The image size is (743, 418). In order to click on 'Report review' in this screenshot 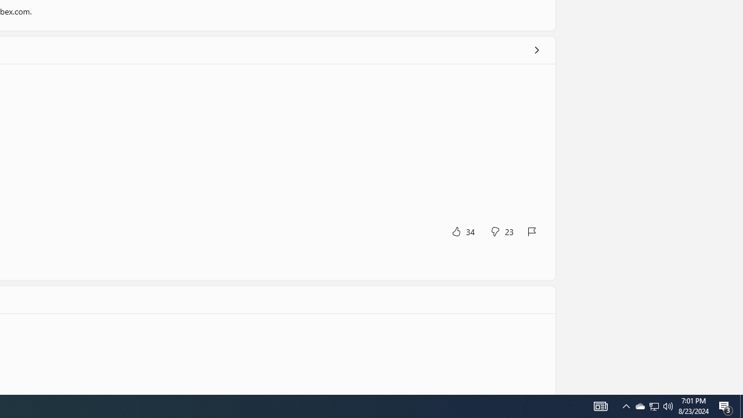, I will do `click(532, 231)`.